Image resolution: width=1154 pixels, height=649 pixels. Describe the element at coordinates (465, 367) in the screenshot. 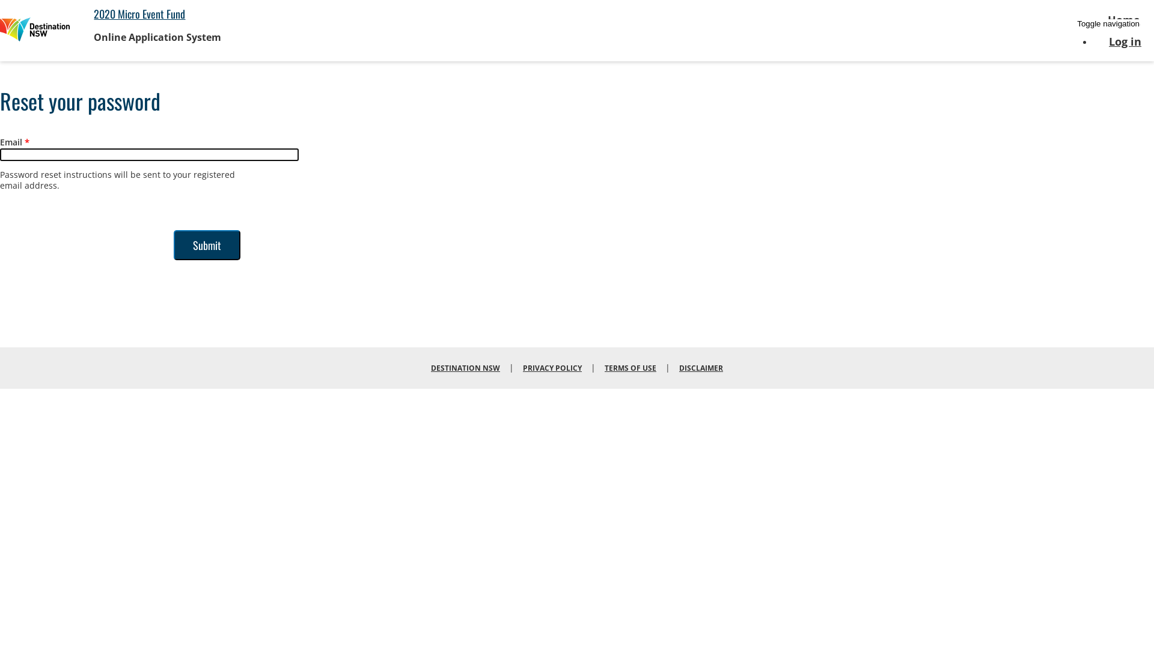

I see `'DESTINATION NSW'` at that location.